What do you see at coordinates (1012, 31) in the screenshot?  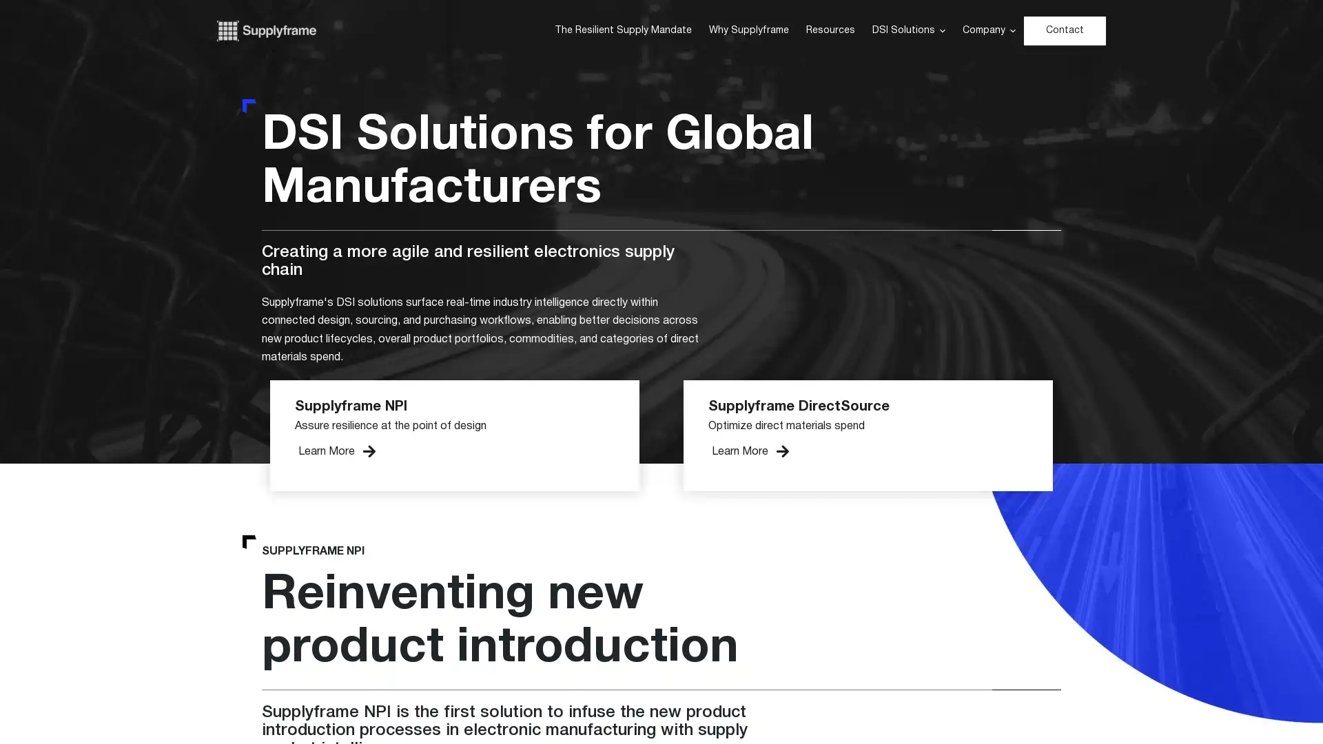 I see `Menu dropdown indicator` at bounding box center [1012, 31].